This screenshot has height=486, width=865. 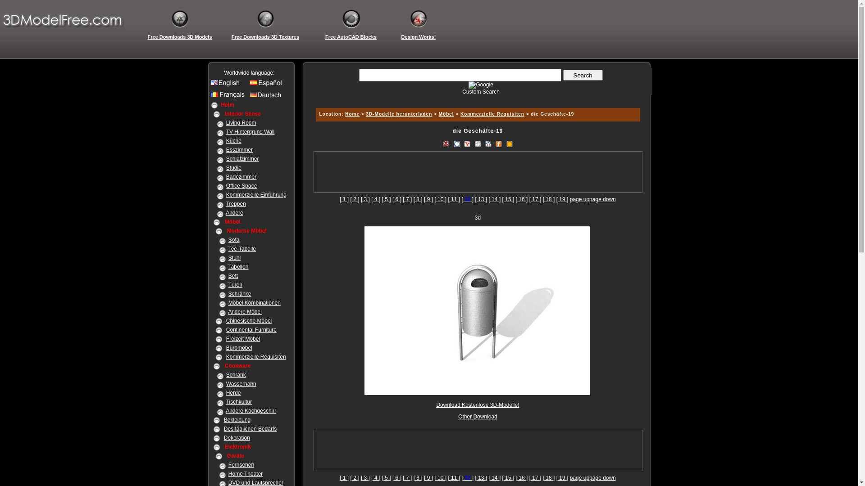 What do you see at coordinates (227, 104) in the screenshot?
I see `'Heim'` at bounding box center [227, 104].